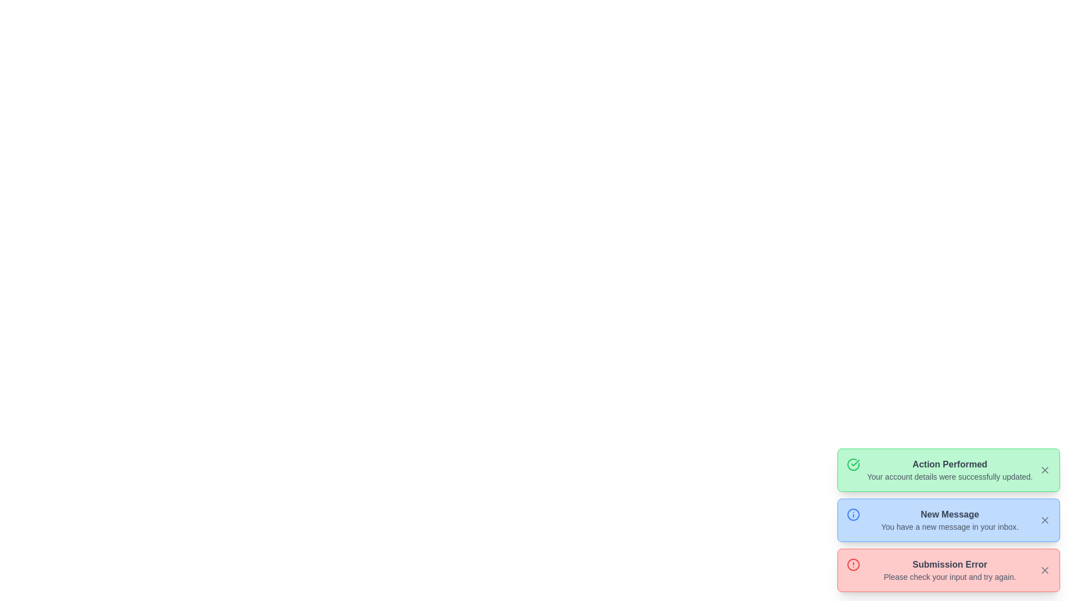 The width and height of the screenshot is (1069, 601). Describe the element at coordinates (853, 564) in the screenshot. I see `the circular icon with a red border and a warning symbol inside, located on the left side of the 'Submission Error' notification box` at that location.